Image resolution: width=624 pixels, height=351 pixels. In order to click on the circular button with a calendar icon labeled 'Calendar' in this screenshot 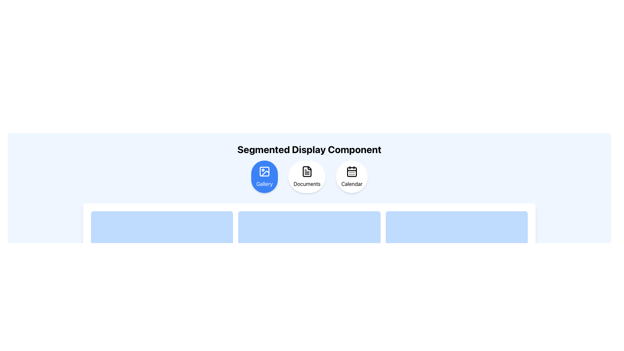, I will do `click(351, 176)`.